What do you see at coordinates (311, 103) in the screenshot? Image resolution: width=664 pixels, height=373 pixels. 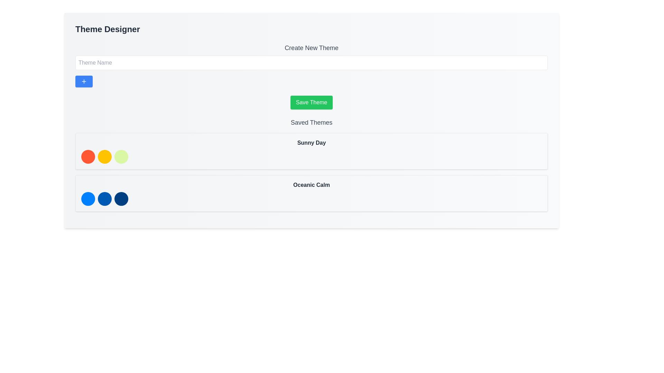 I see `the 'Save Theme' button with a vibrant green background` at bounding box center [311, 103].